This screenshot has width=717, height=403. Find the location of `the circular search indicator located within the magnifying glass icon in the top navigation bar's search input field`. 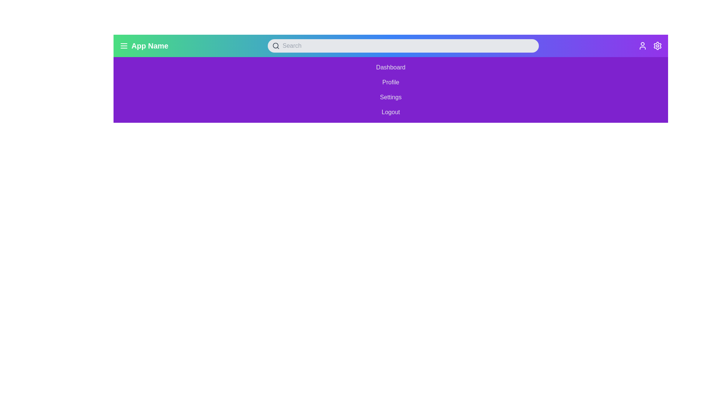

the circular search indicator located within the magnifying glass icon in the top navigation bar's search input field is located at coordinates (275, 46).